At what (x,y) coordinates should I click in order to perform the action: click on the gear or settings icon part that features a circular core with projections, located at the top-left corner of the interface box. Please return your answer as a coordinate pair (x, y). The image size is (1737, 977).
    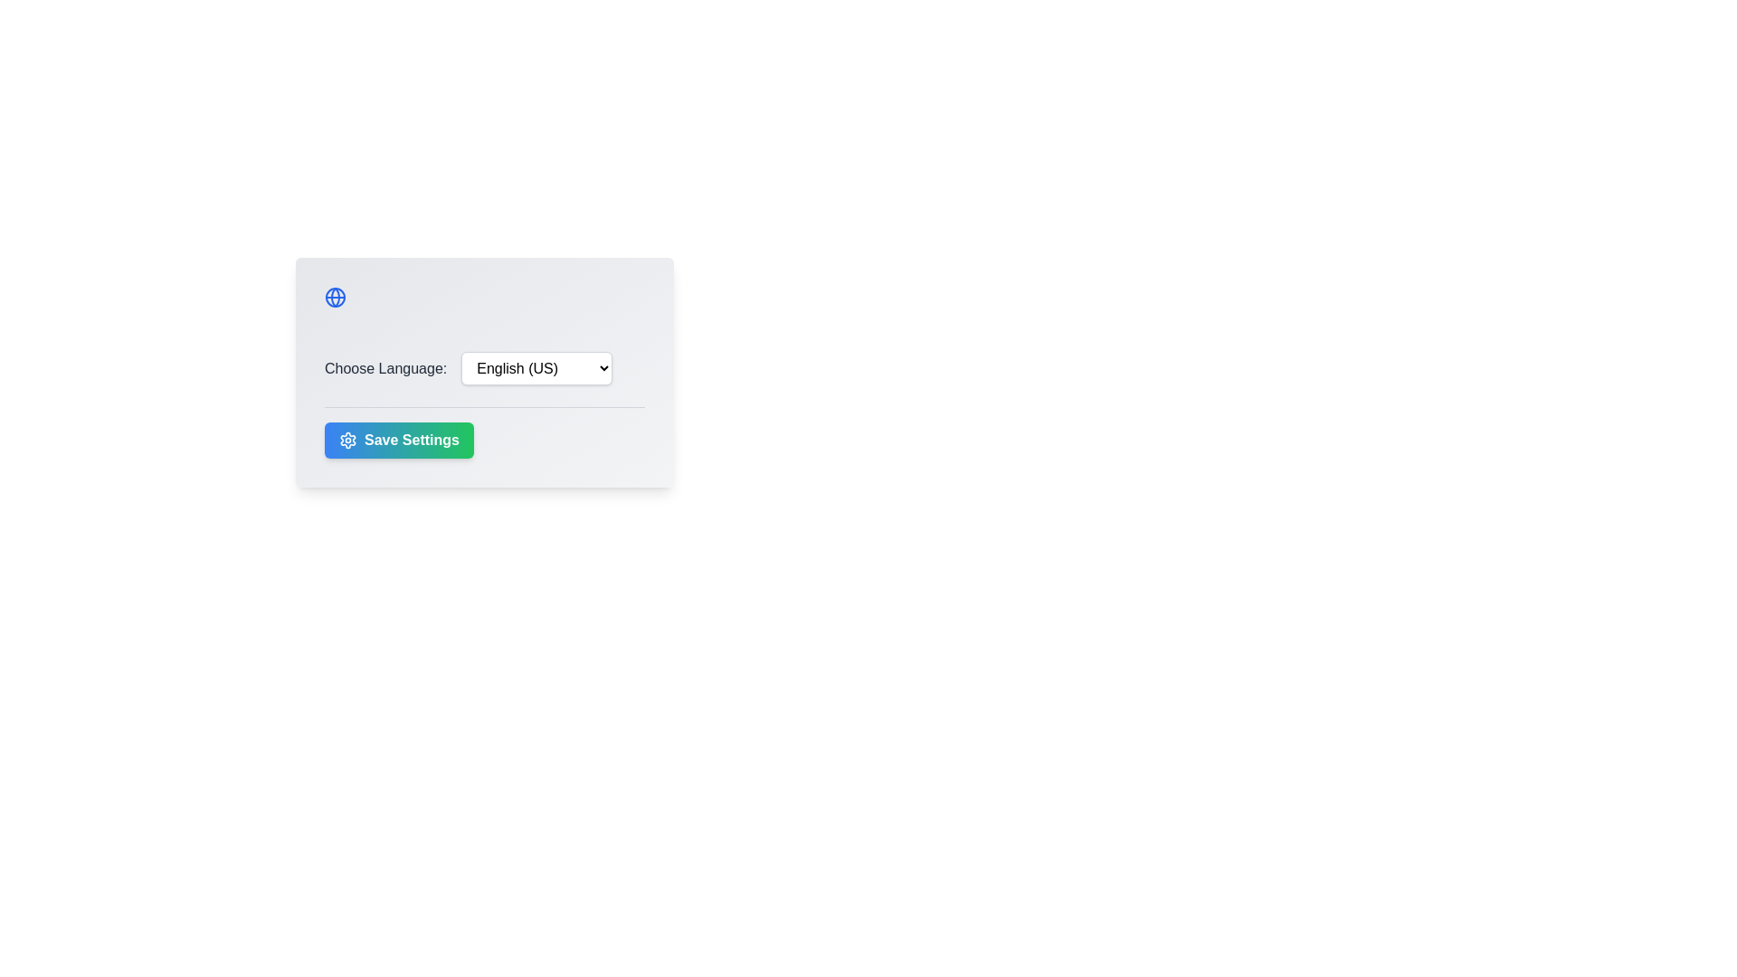
    Looking at the image, I should click on (347, 440).